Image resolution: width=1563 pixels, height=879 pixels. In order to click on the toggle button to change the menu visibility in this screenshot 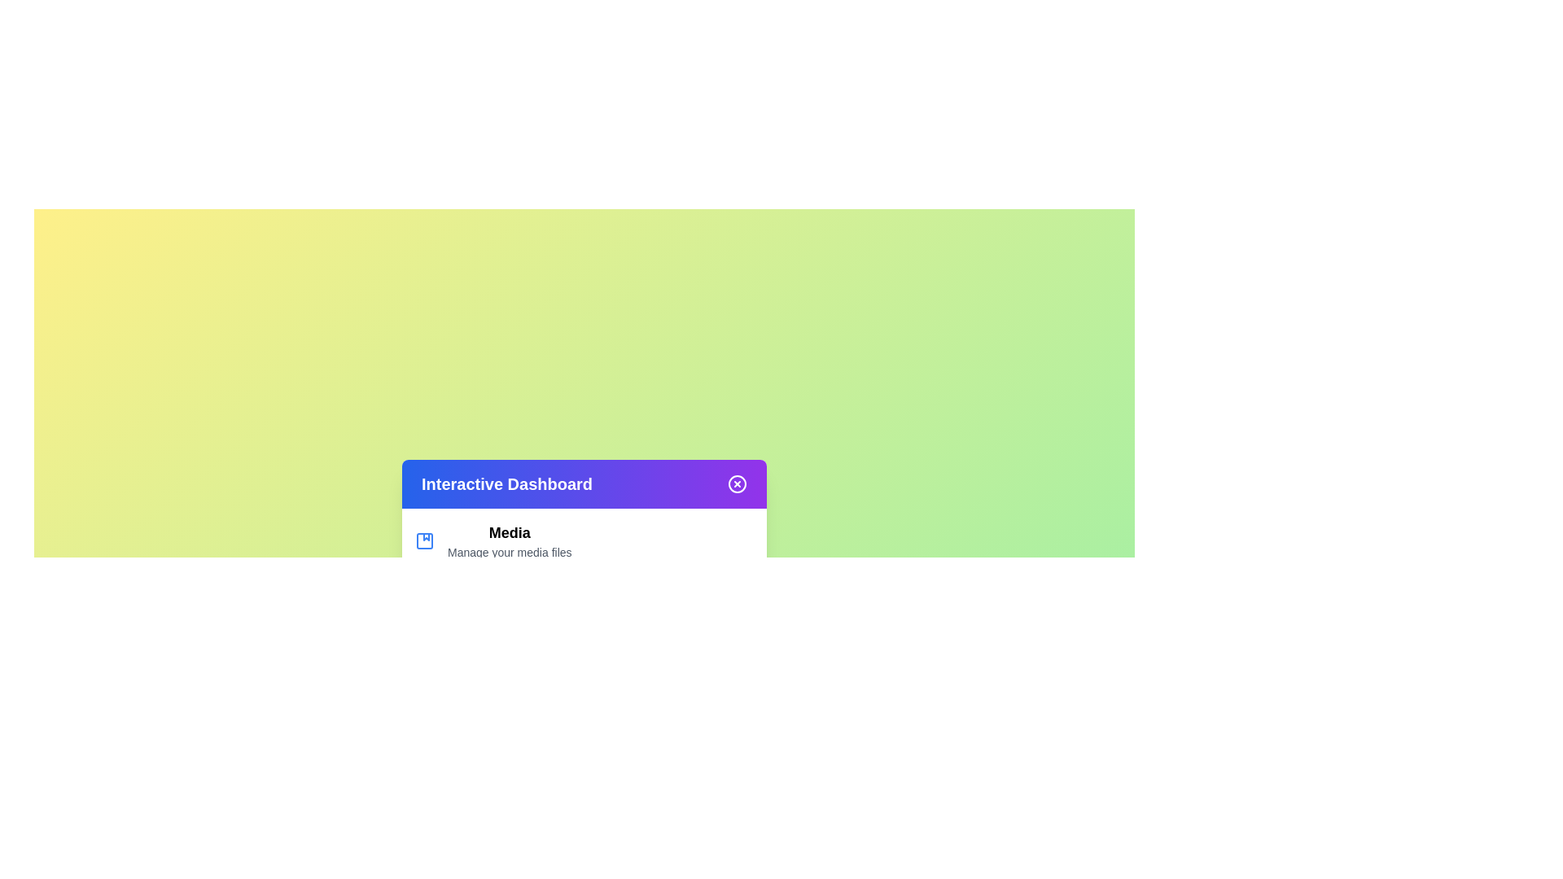, I will do `click(737, 483)`.